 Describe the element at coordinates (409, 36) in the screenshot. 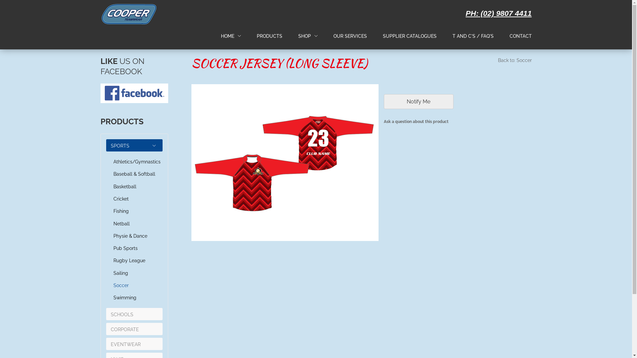

I see `'SUPPLIER CATALOGUES'` at that location.